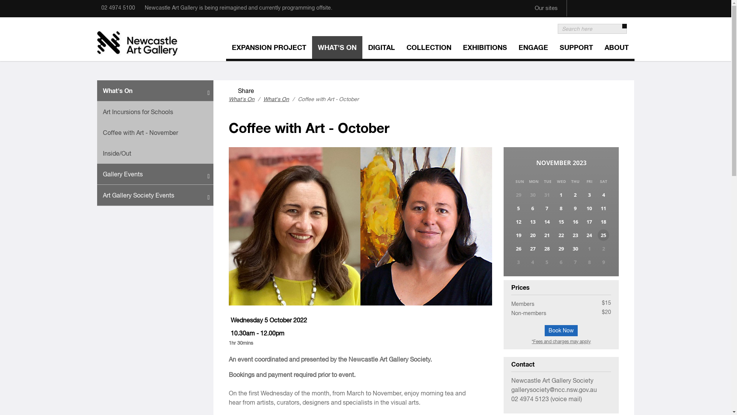 The width and height of the screenshot is (737, 415). Describe the element at coordinates (381, 48) in the screenshot. I see `'DIGITAL'` at that location.